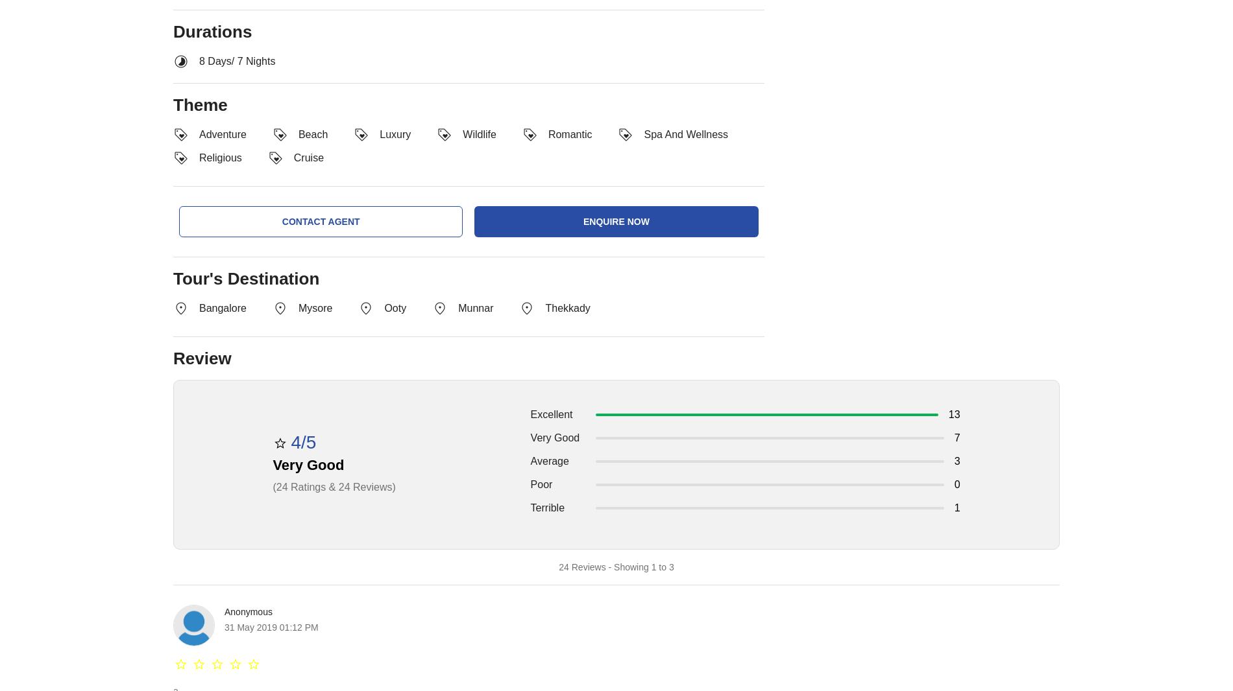  Describe the element at coordinates (247, 612) in the screenshot. I see `'Anonymous'` at that location.